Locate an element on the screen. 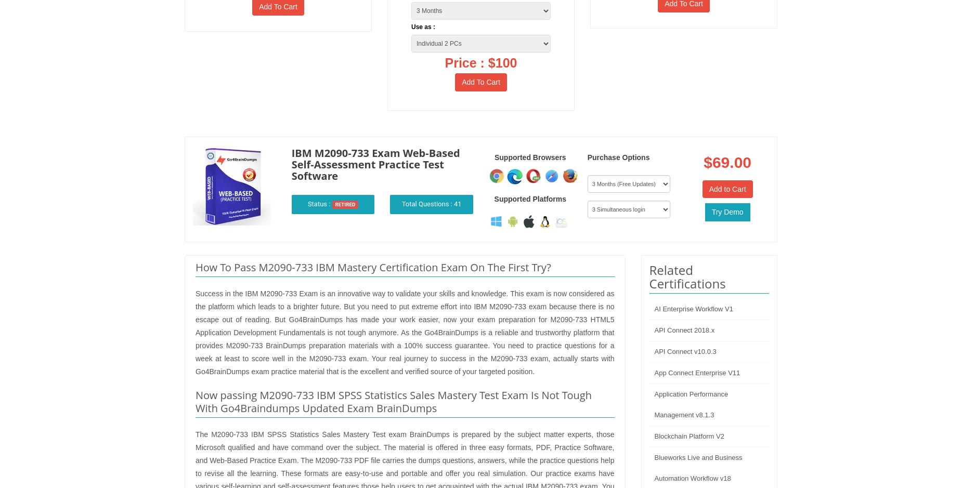  'IBM M2090-733 Exam Web-Based Self-Assessment Practice Test Software' is located at coordinates (375, 164).